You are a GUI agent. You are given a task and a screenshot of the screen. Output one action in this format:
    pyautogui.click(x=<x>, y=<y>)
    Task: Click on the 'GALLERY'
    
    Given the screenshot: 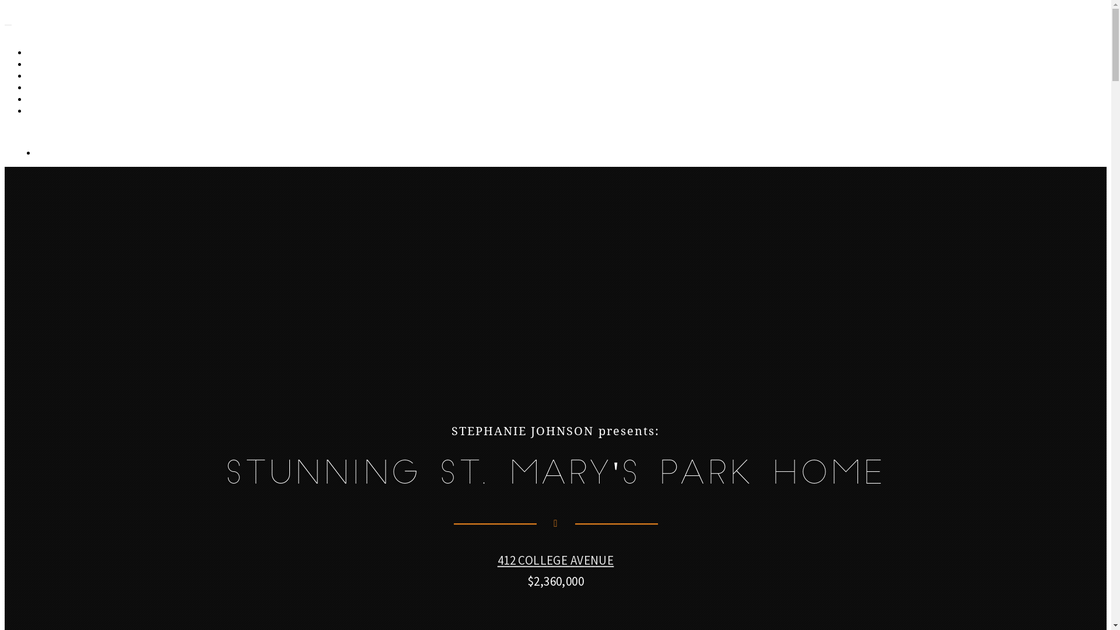 What is the action you would take?
    pyautogui.click(x=51, y=52)
    